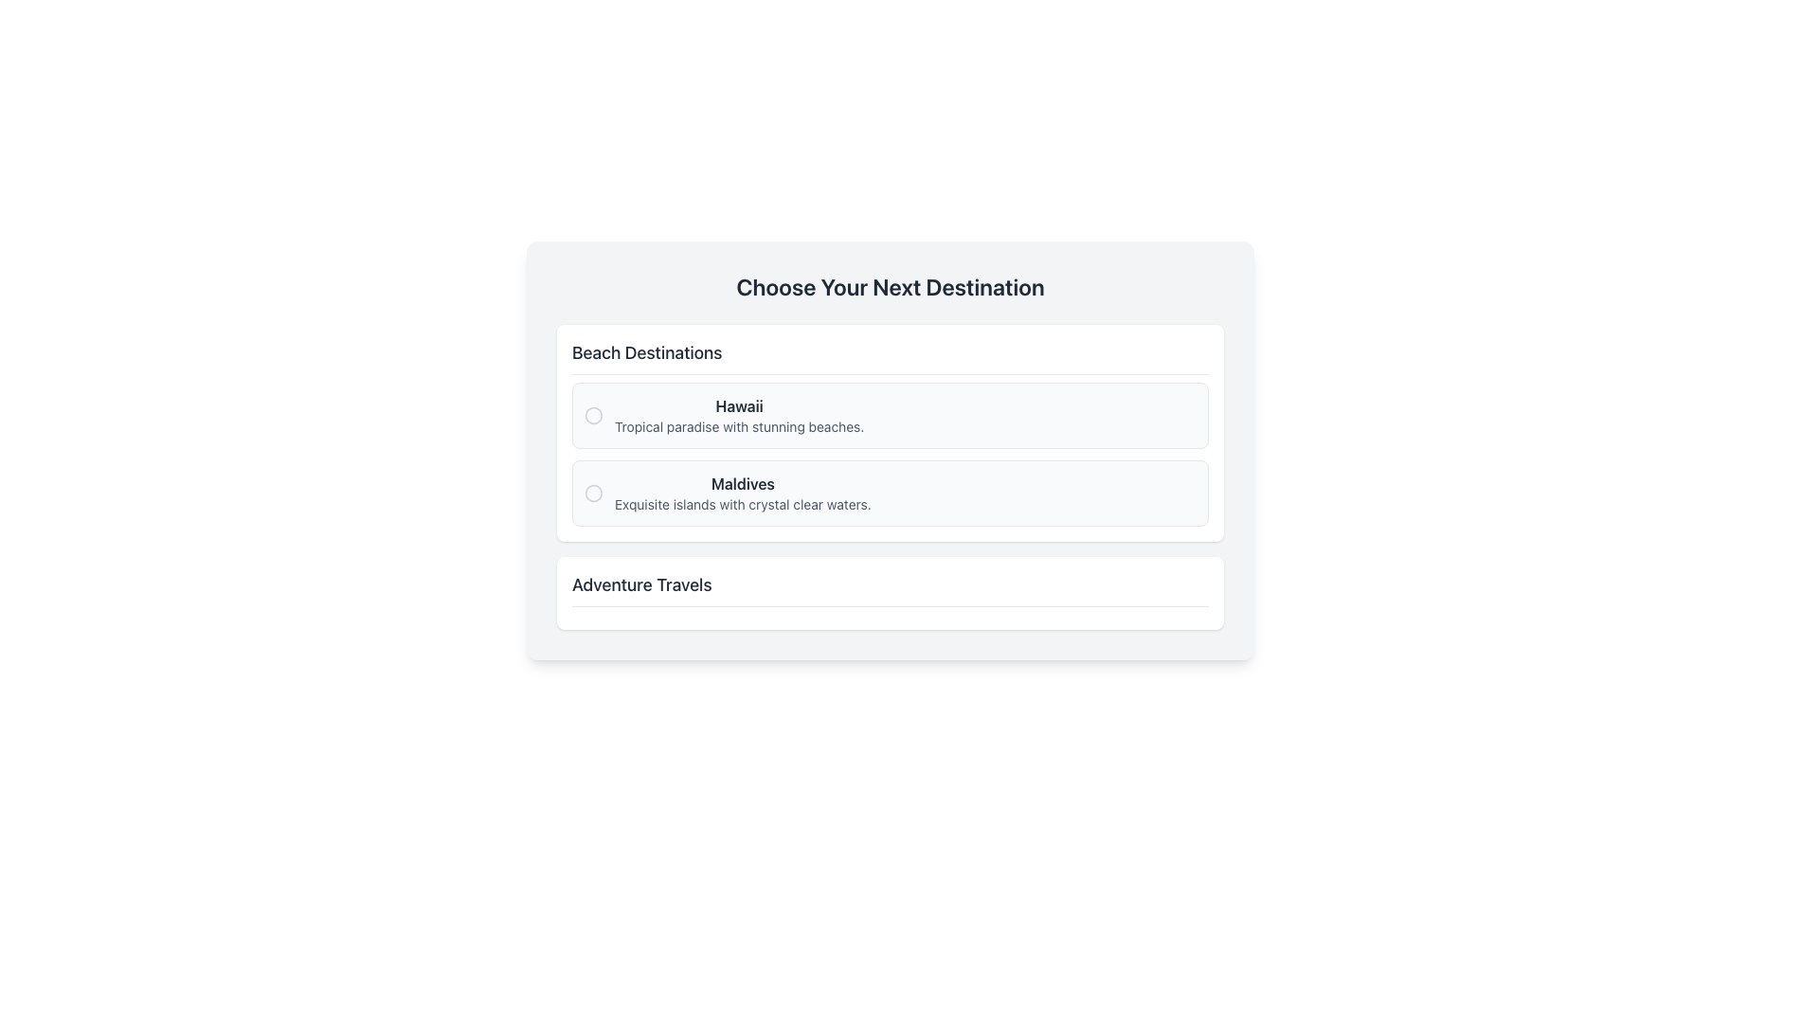 This screenshot has width=1819, height=1023. Describe the element at coordinates (738, 415) in the screenshot. I see `the Text Block displaying 'Hawaii' in the 'Beach Destinations' section` at that location.